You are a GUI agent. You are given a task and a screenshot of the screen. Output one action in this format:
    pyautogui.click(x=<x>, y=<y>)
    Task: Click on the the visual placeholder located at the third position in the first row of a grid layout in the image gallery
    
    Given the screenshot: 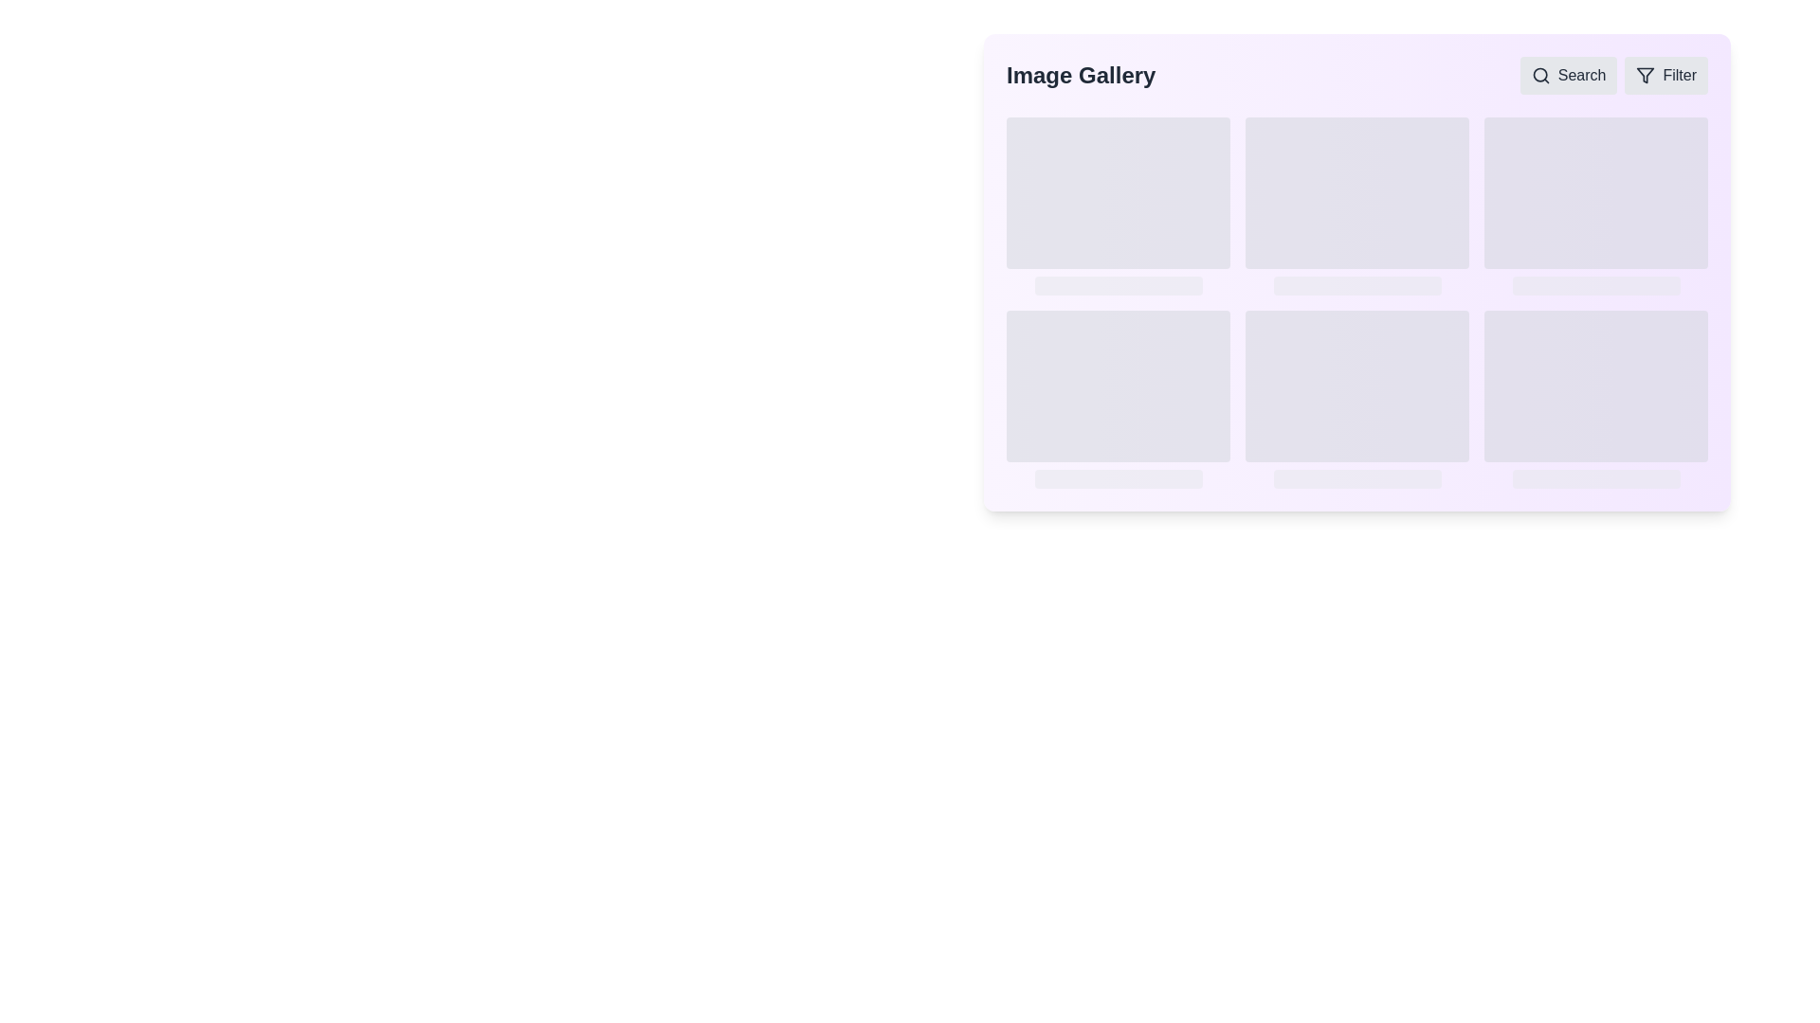 What is the action you would take?
    pyautogui.click(x=1595, y=206)
    